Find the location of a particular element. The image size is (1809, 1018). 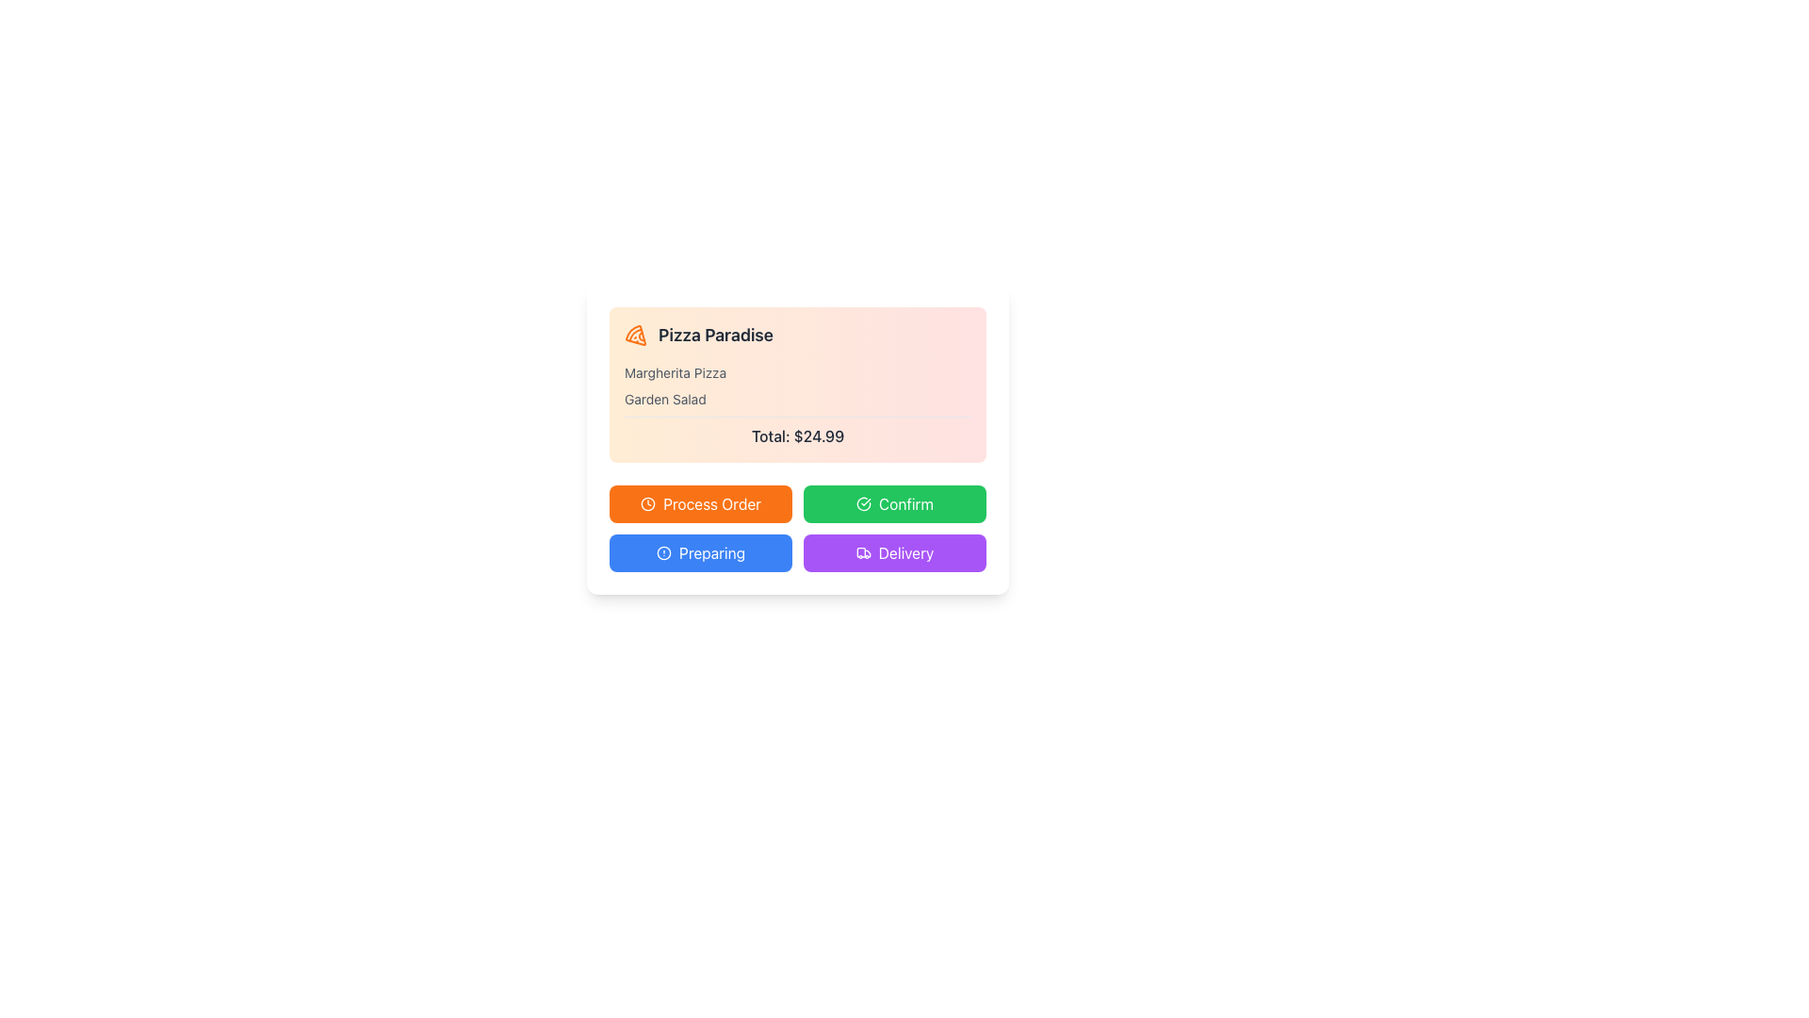

the static text label displaying 'Garden Salad' which is positioned below the title 'Pizza Paradise' and above 'Total: $24.99' is located at coordinates (665, 399).